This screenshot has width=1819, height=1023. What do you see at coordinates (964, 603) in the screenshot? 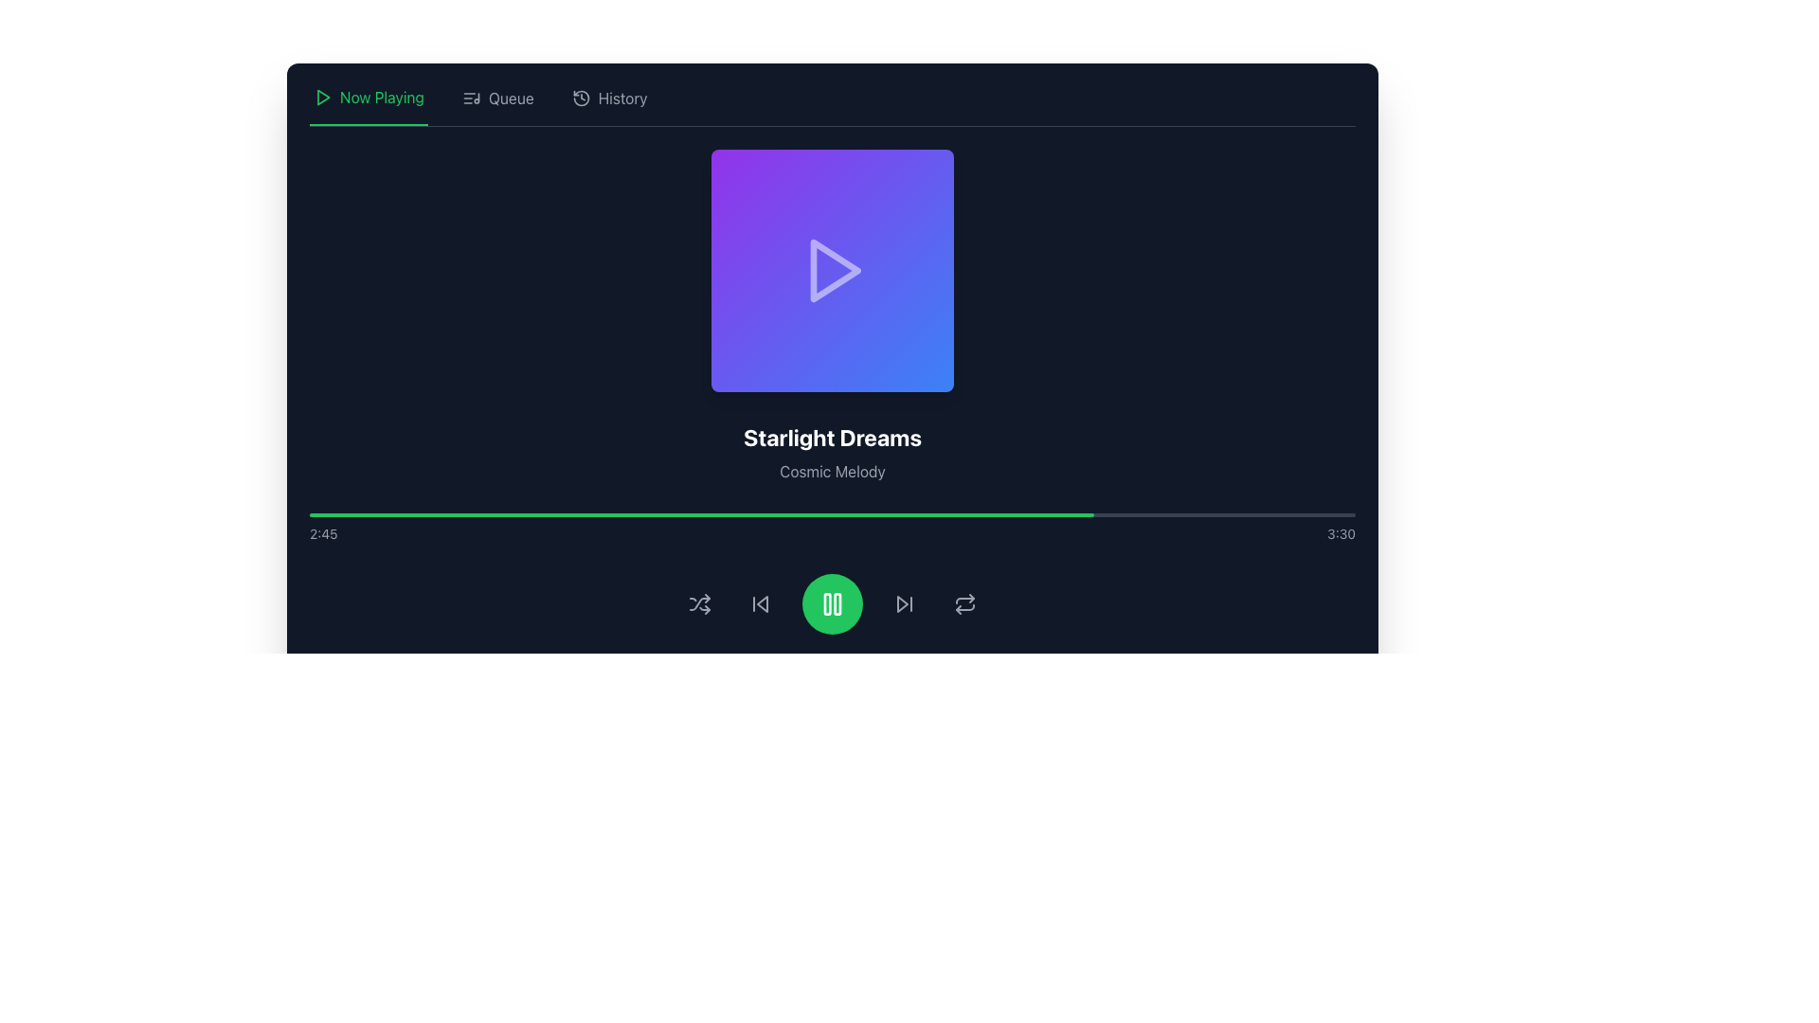
I see `the repeat functionality button located in the bottom control bar` at bounding box center [964, 603].